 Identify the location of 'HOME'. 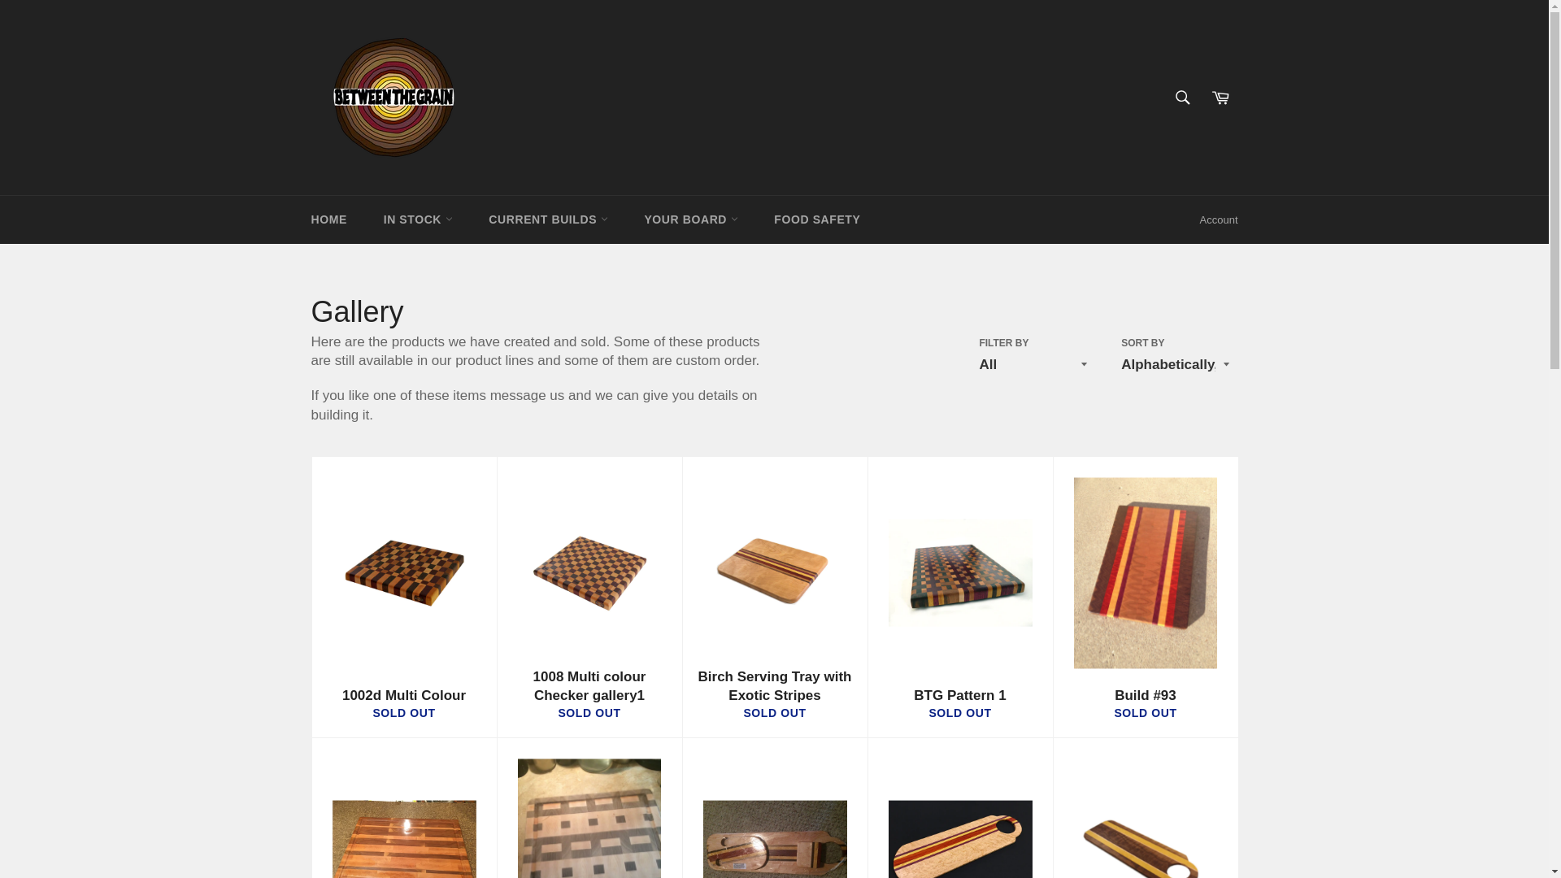
(327, 219).